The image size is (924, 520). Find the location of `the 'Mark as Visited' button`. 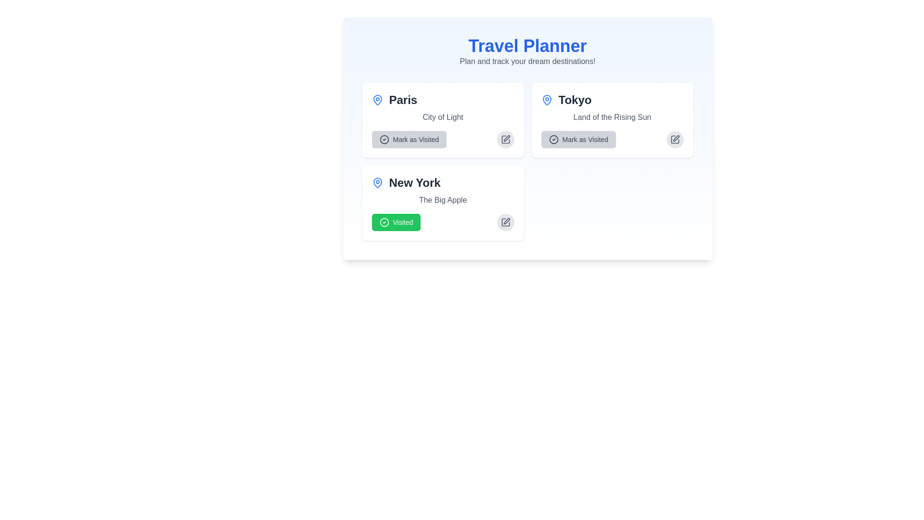

the 'Mark as Visited' button is located at coordinates (416, 139).